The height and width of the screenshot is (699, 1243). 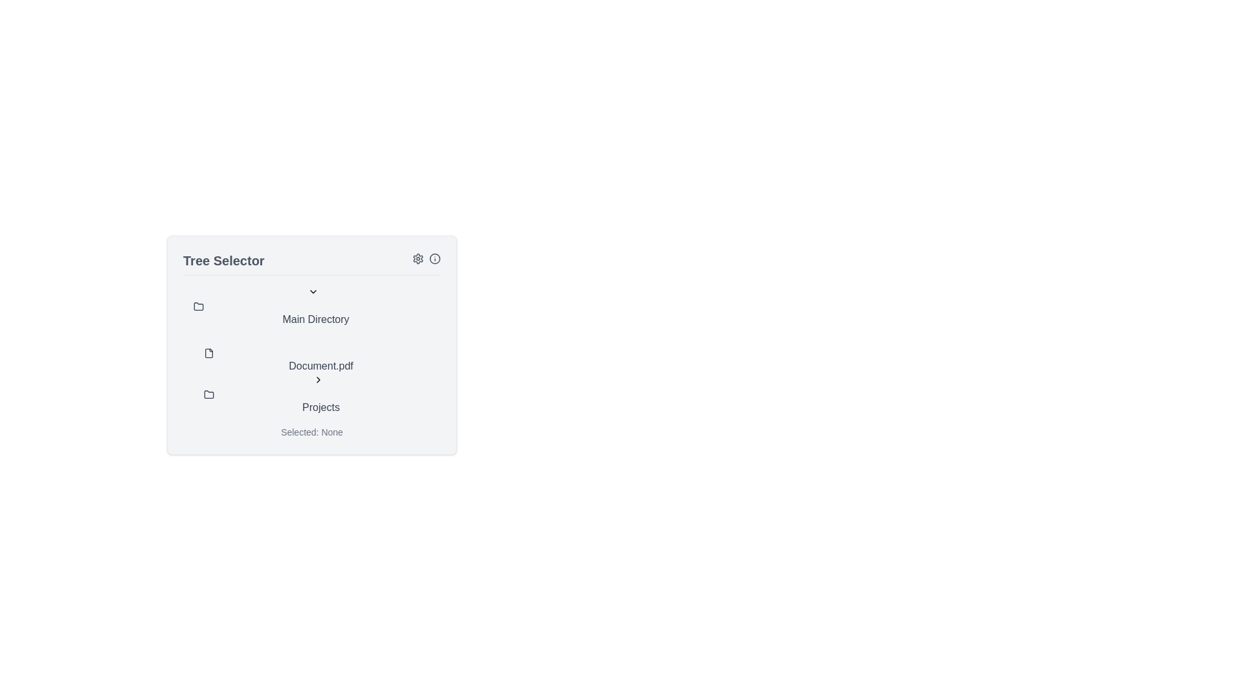 What do you see at coordinates (313, 292) in the screenshot?
I see `the dropdown toggle button located to the right of the 'Main Directory' label` at bounding box center [313, 292].